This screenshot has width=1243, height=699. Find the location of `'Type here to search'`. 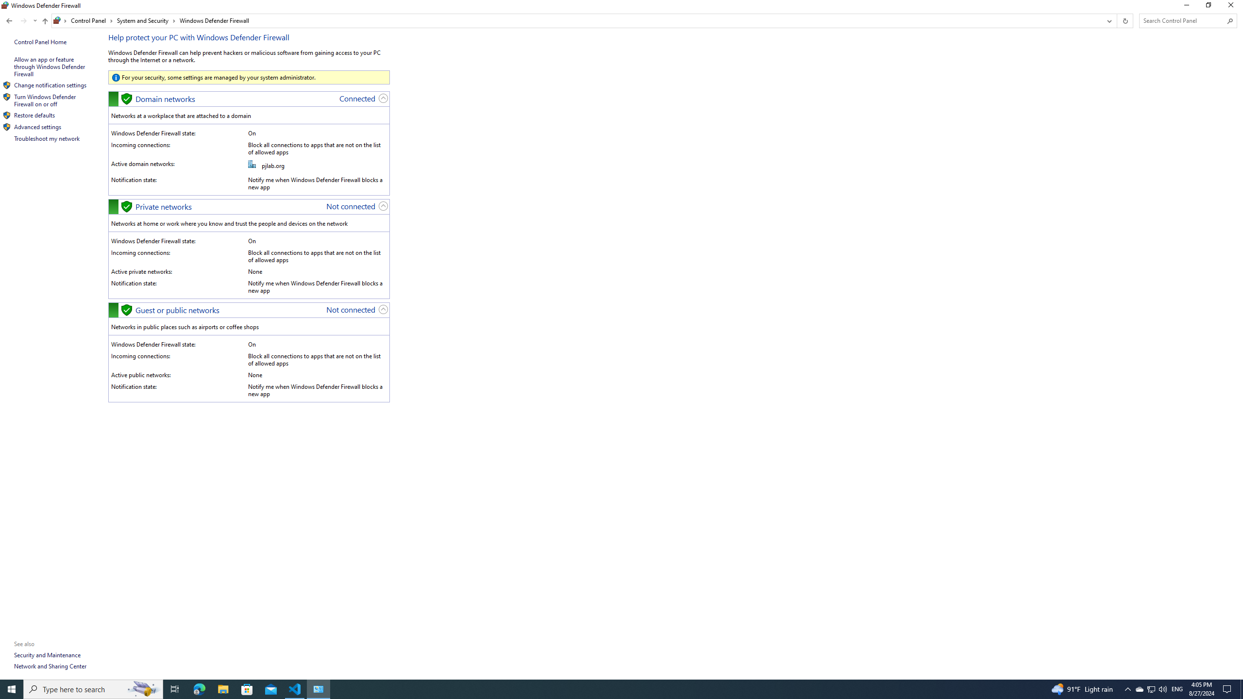

'Type here to search' is located at coordinates (93, 688).